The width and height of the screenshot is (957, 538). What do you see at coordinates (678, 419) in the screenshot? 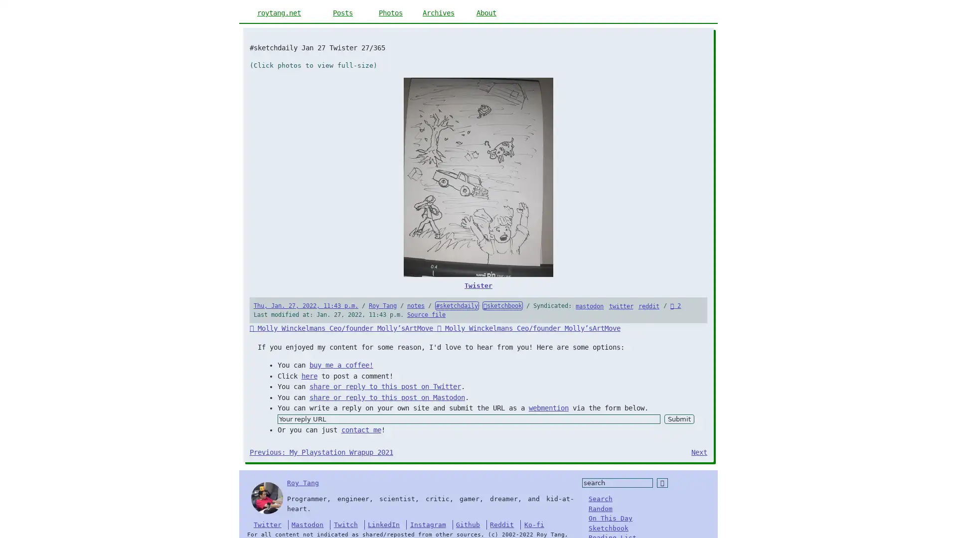
I see `Submit` at bounding box center [678, 419].